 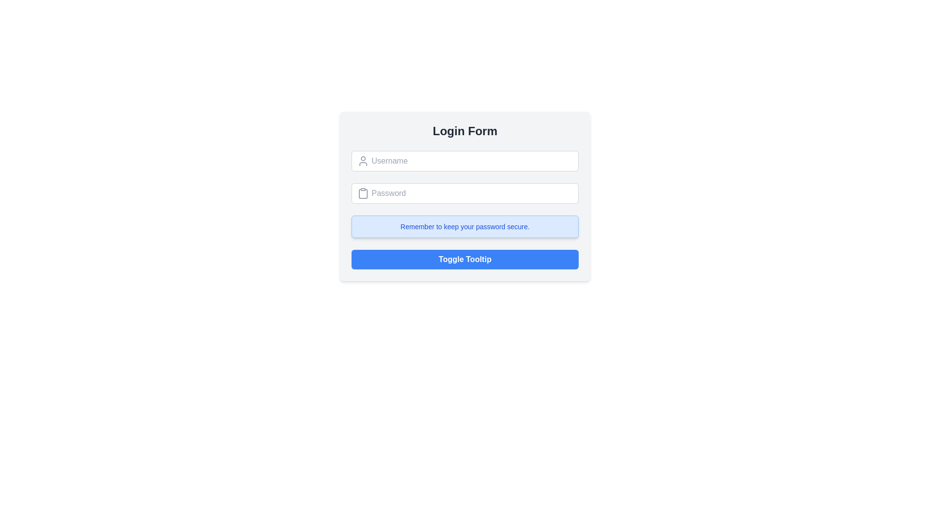 I want to click on the static informational box with a light blue background that contains the message 'Remember to keep your password secure.', so click(x=465, y=226).